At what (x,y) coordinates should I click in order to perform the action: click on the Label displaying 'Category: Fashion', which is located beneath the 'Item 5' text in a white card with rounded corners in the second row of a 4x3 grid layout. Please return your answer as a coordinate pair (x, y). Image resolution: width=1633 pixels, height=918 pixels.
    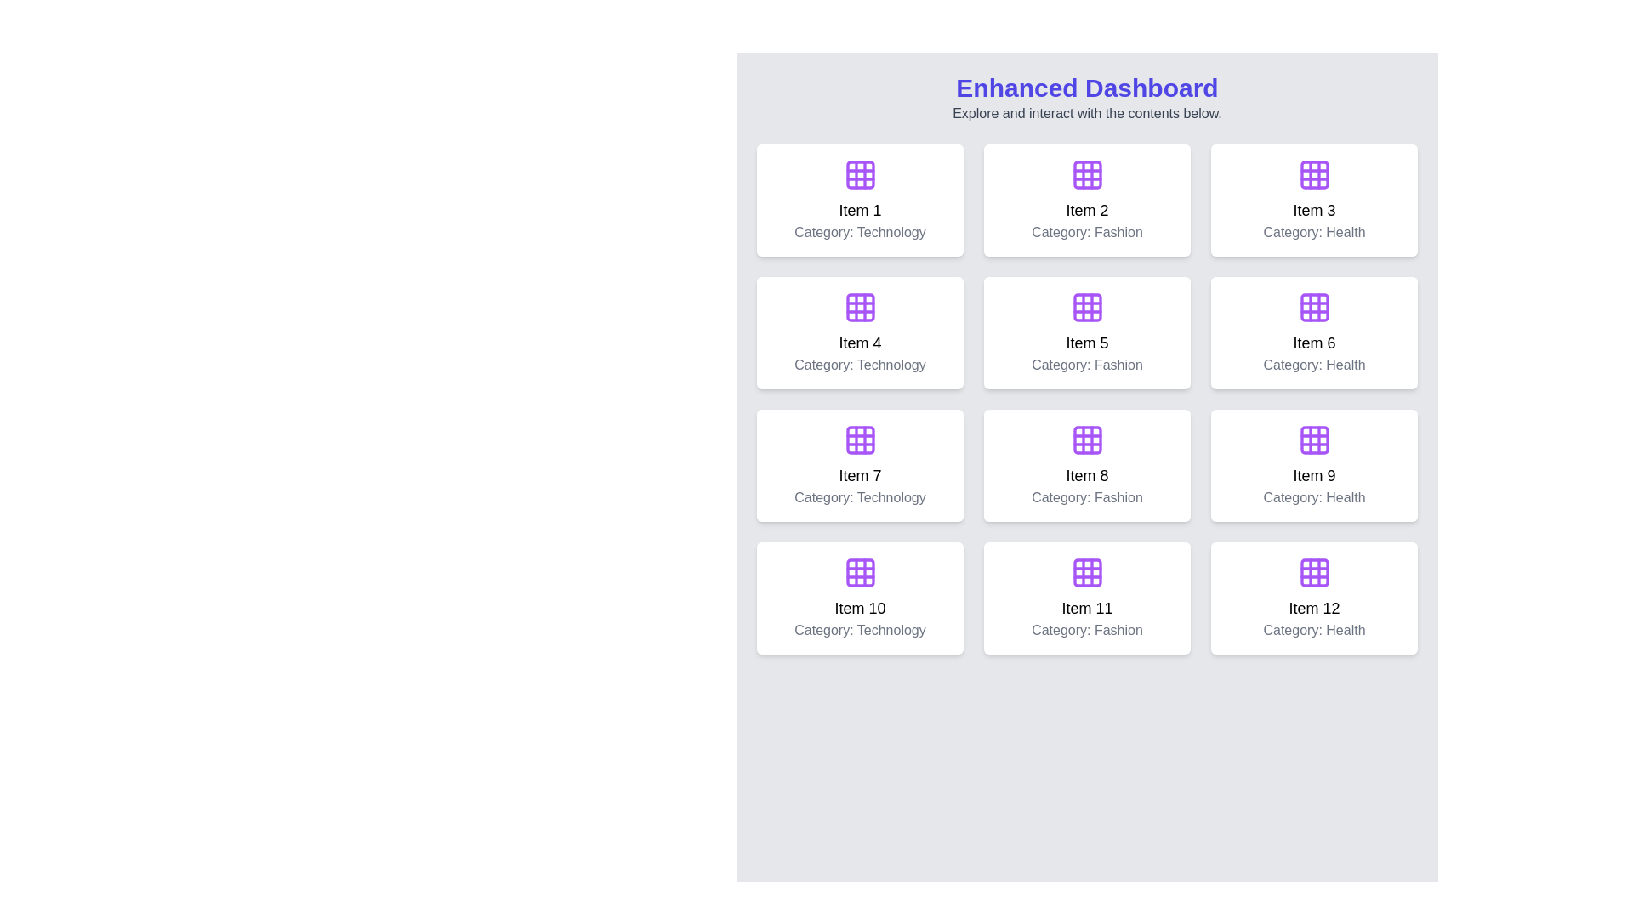
    Looking at the image, I should click on (1086, 364).